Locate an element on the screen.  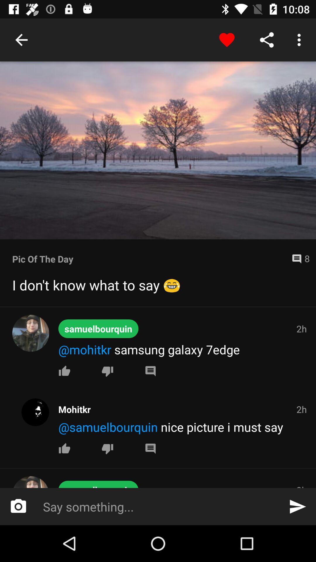
the i don t is located at coordinates (158, 285).